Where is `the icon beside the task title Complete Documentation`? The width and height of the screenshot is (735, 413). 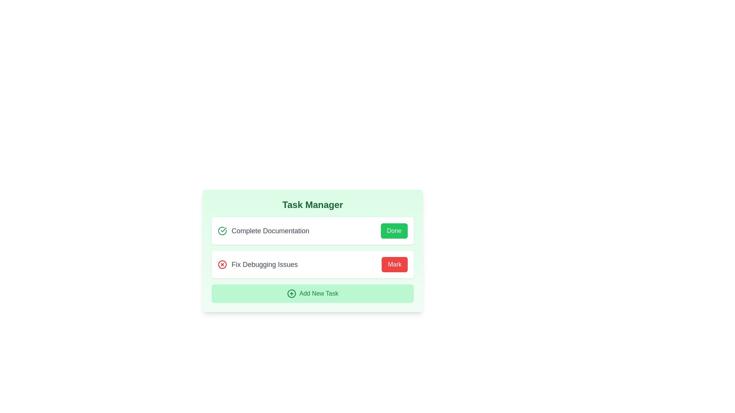 the icon beside the task title Complete Documentation is located at coordinates (222, 231).